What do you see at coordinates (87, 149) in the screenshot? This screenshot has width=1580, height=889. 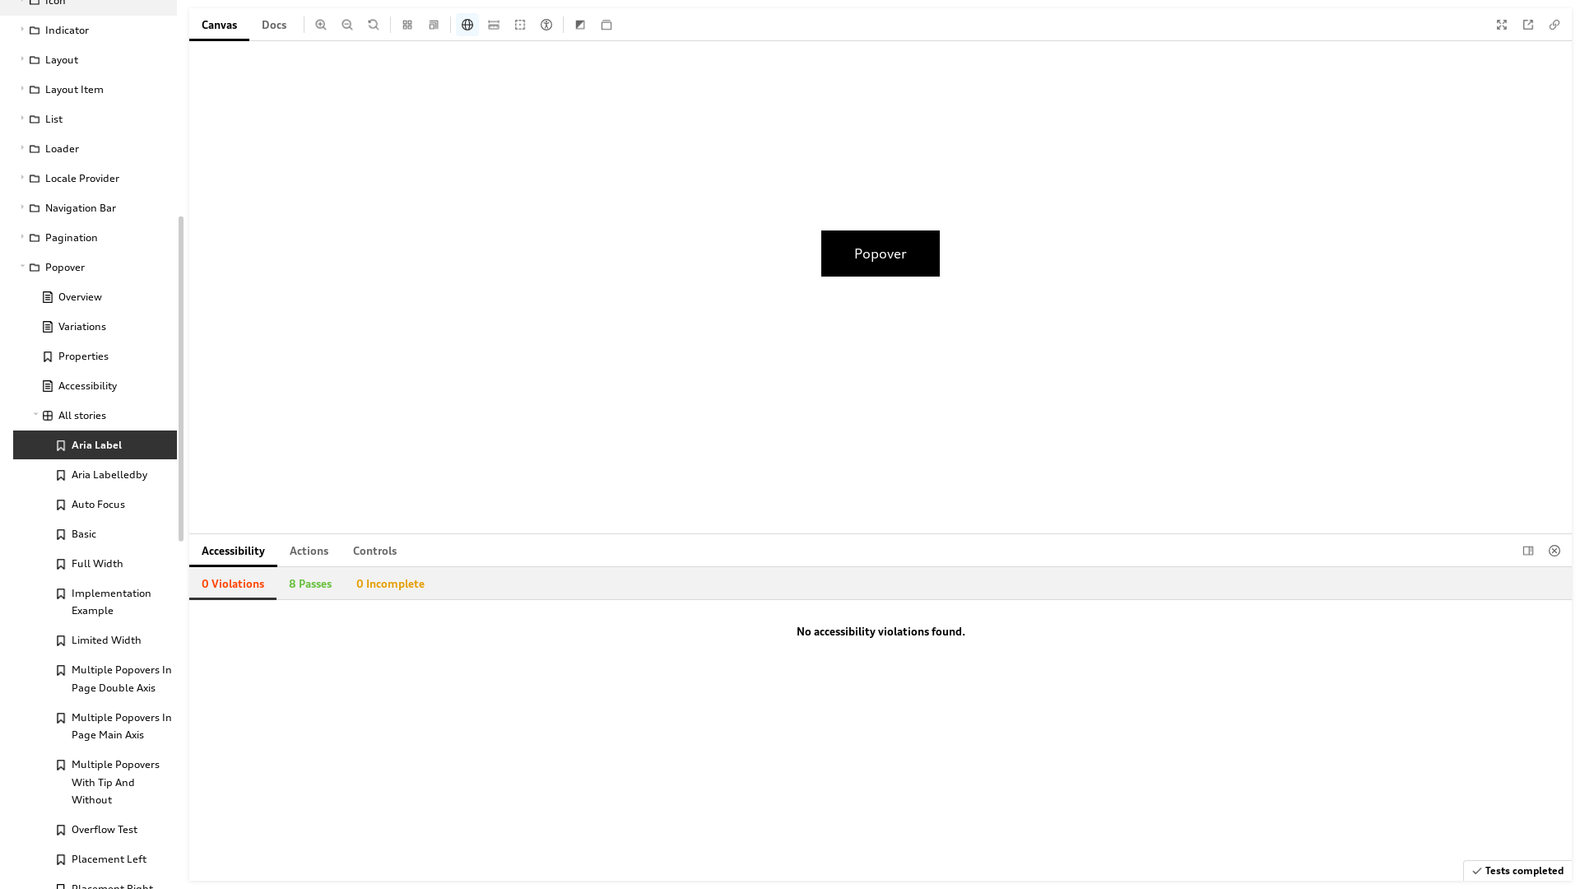 I see `'Loader'` at bounding box center [87, 149].